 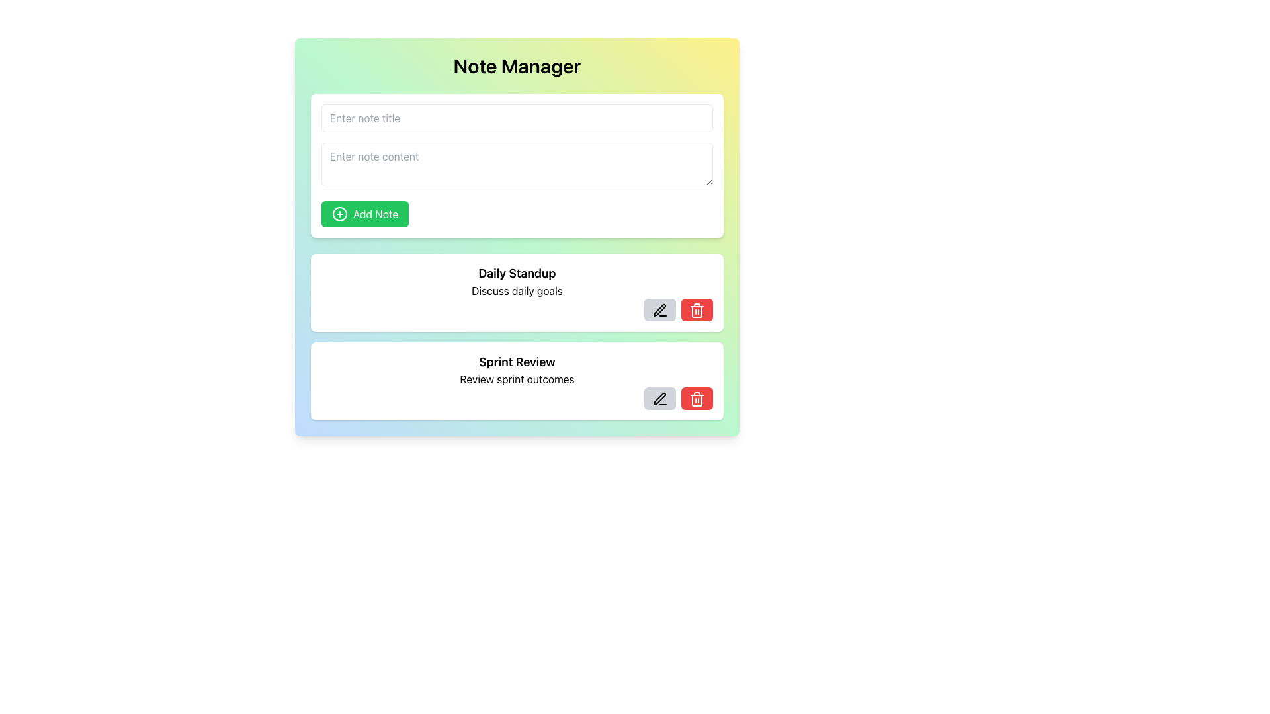 I want to click on the stylized pen icon located to the right of the text 'Sprint Review' and to the left of the red trash bin icon to initiate editing, so click(x=659, y=310).